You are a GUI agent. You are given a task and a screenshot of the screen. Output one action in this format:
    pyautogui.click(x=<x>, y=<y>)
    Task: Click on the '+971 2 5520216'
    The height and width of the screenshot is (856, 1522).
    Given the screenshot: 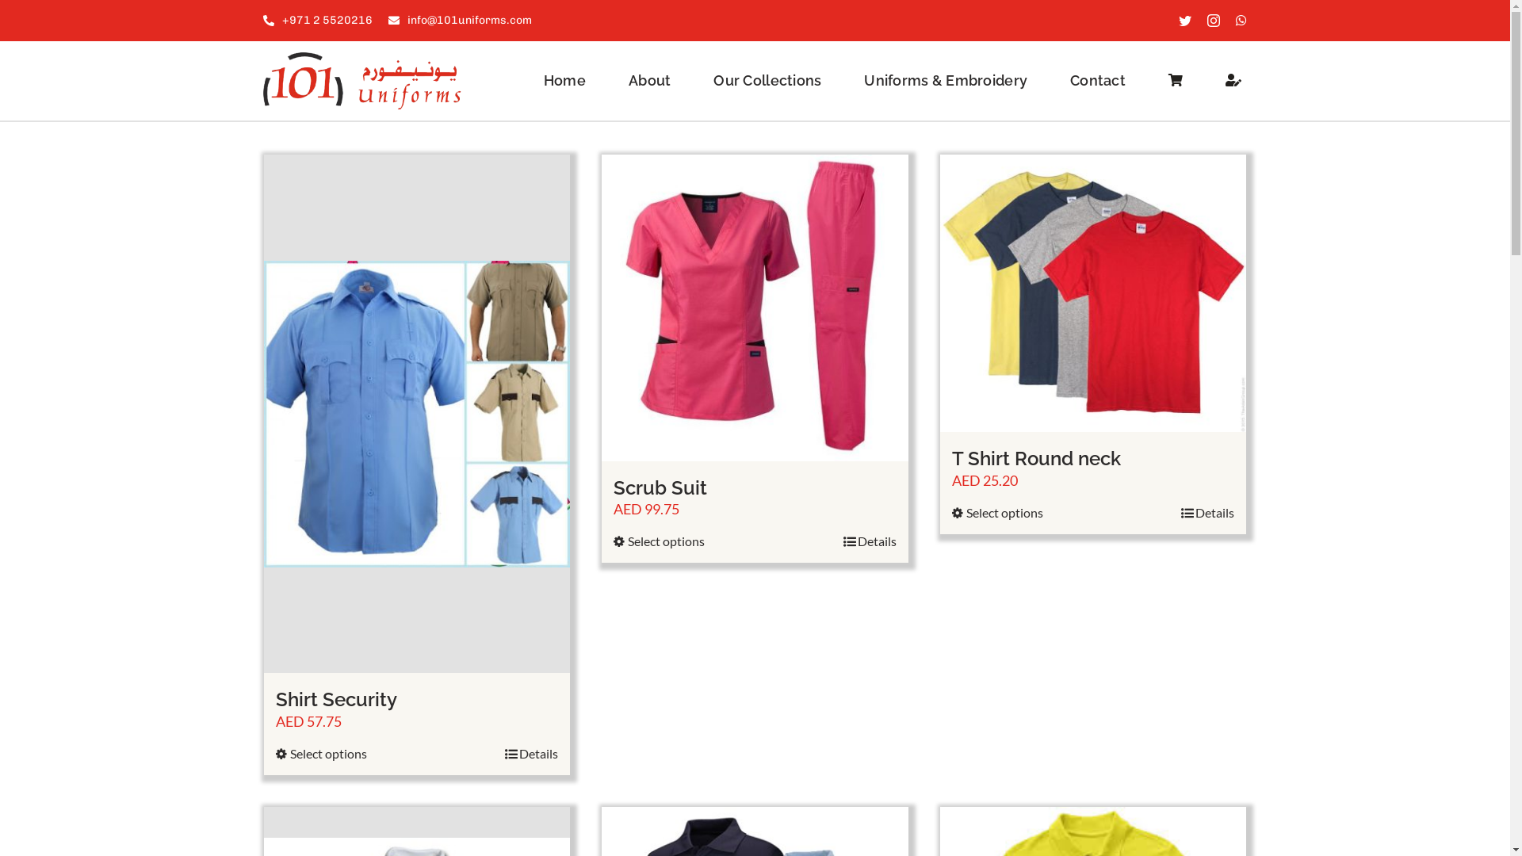 What is the action you would take?
    pyautogui.click(x=262, y=21)
    